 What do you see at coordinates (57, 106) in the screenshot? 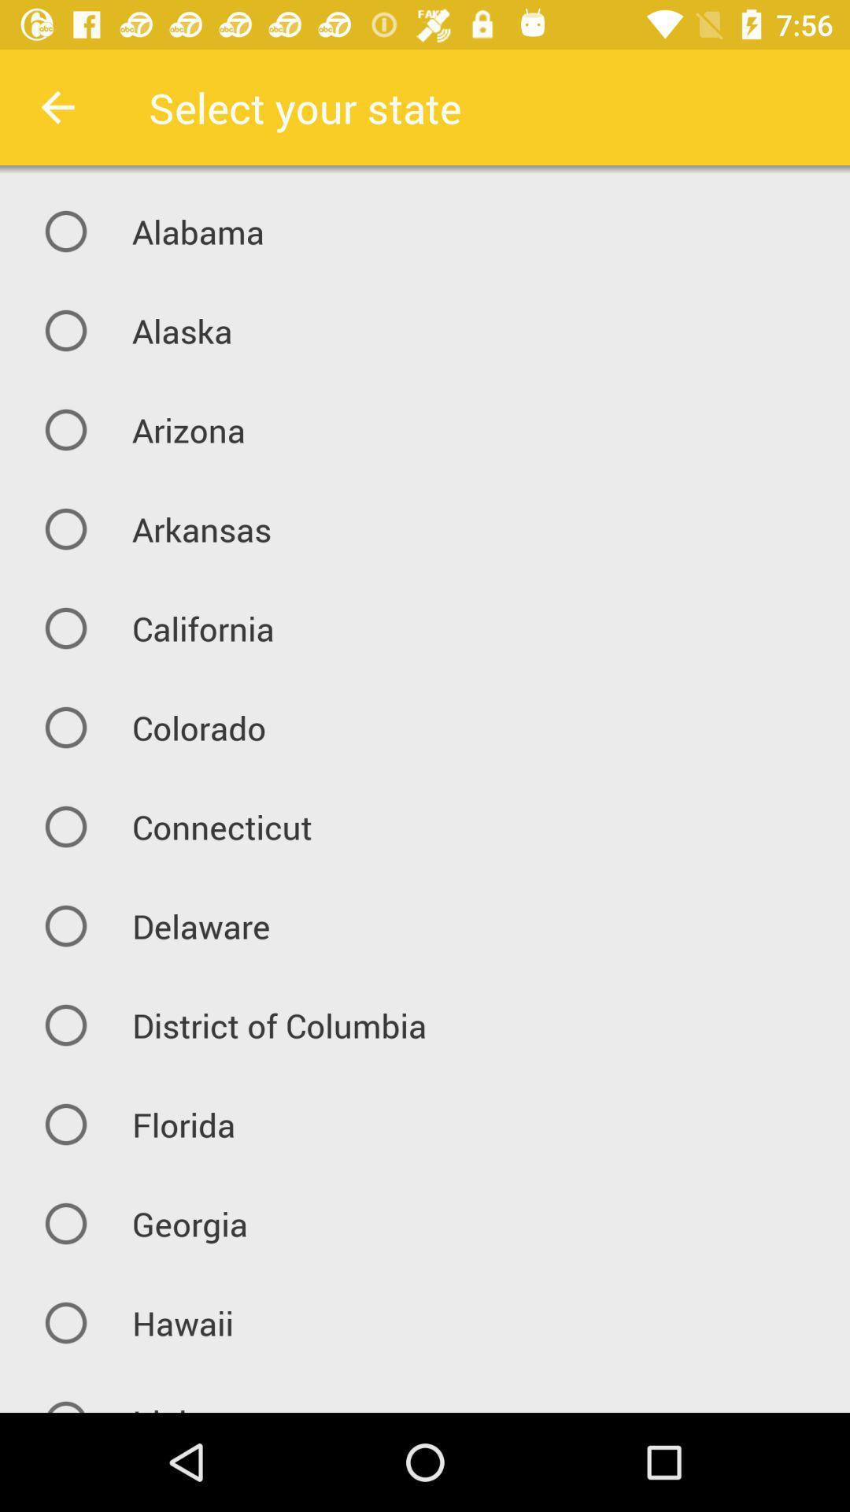
I see `return to previous screen` at bounding box center [57, 106].